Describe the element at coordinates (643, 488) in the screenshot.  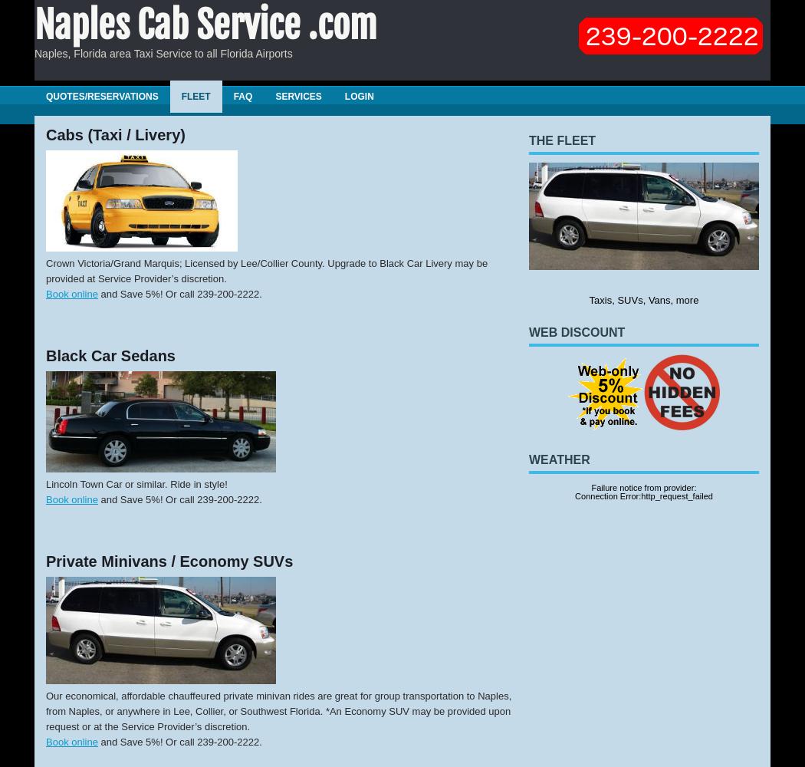
I see `'Failure notice from provider:'` at that location.